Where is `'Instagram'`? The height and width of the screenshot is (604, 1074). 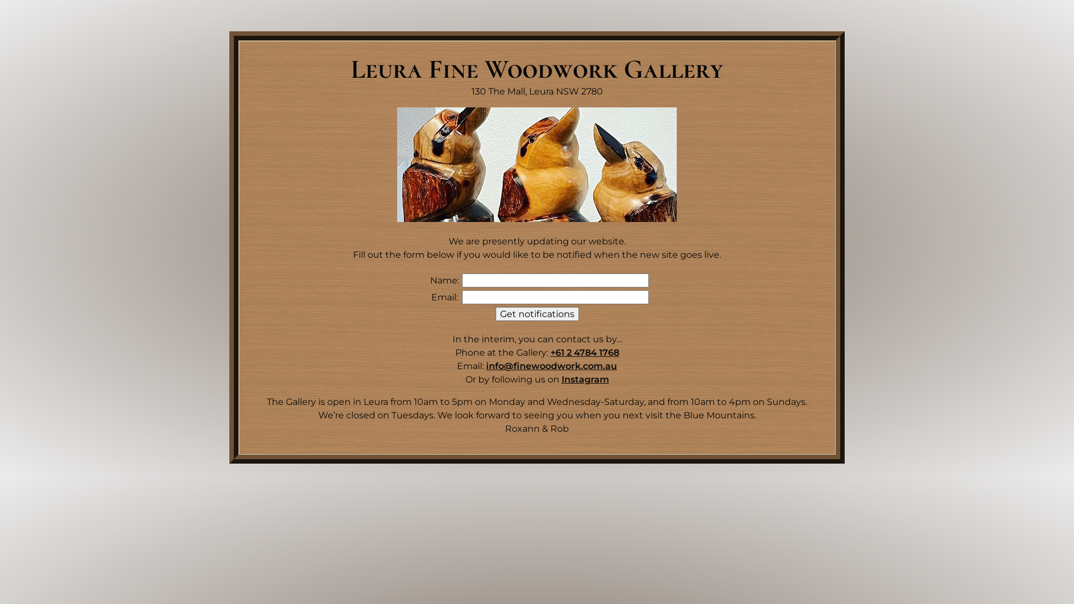
'Instagram' is located at coordinates (585, 379).